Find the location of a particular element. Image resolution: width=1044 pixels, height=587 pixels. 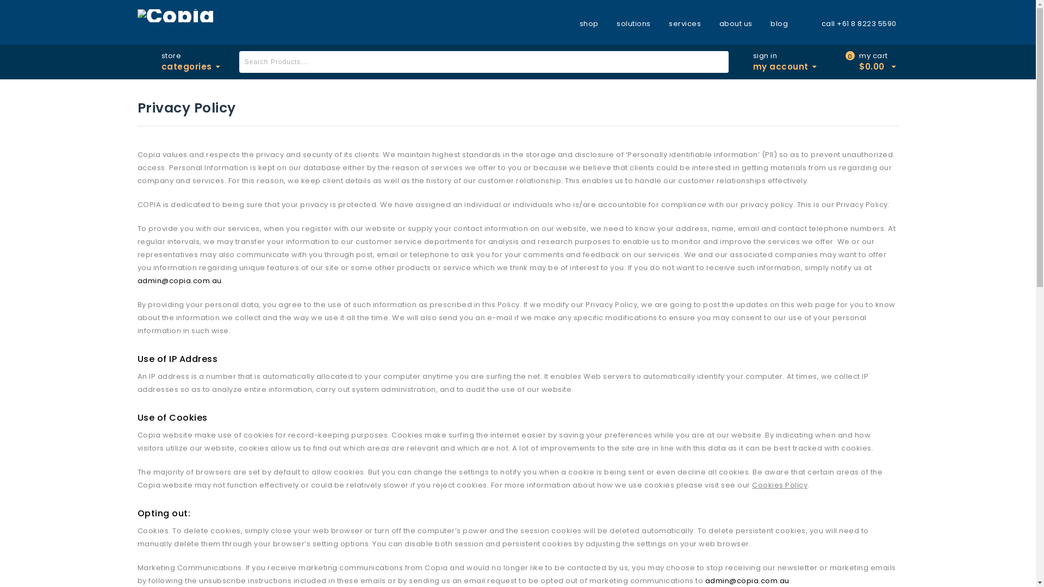

'0 is located at coordinates (873, 62).